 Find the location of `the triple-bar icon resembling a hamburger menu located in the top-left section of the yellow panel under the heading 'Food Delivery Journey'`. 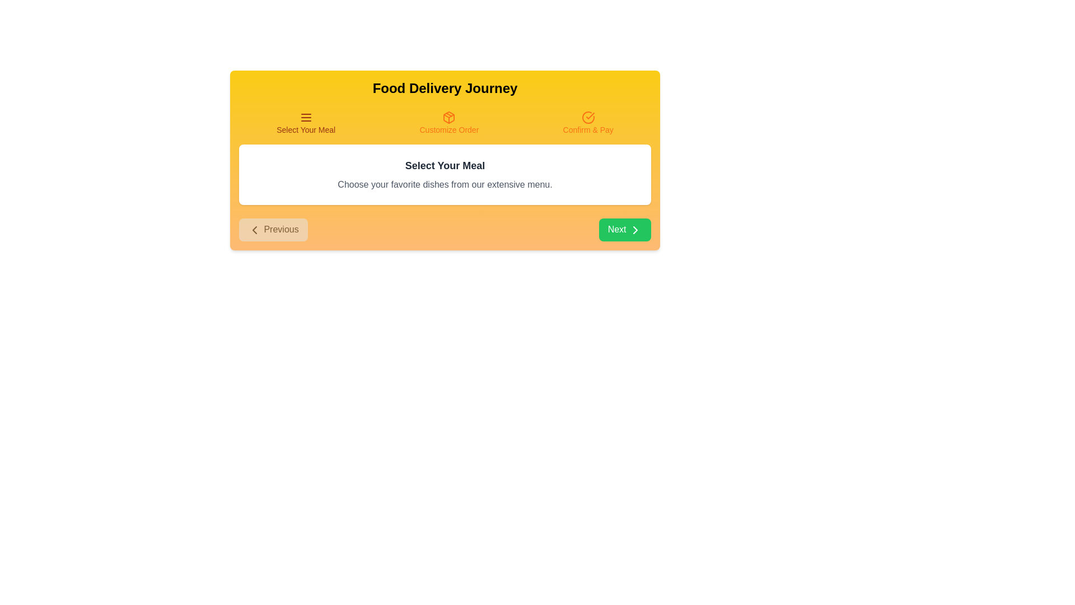

the triple-bar icon resembling a hamburger menu located in the top-left section of the yellow panel under the heading 'Food Delivery Journey' is located at coordinates (306, 117).